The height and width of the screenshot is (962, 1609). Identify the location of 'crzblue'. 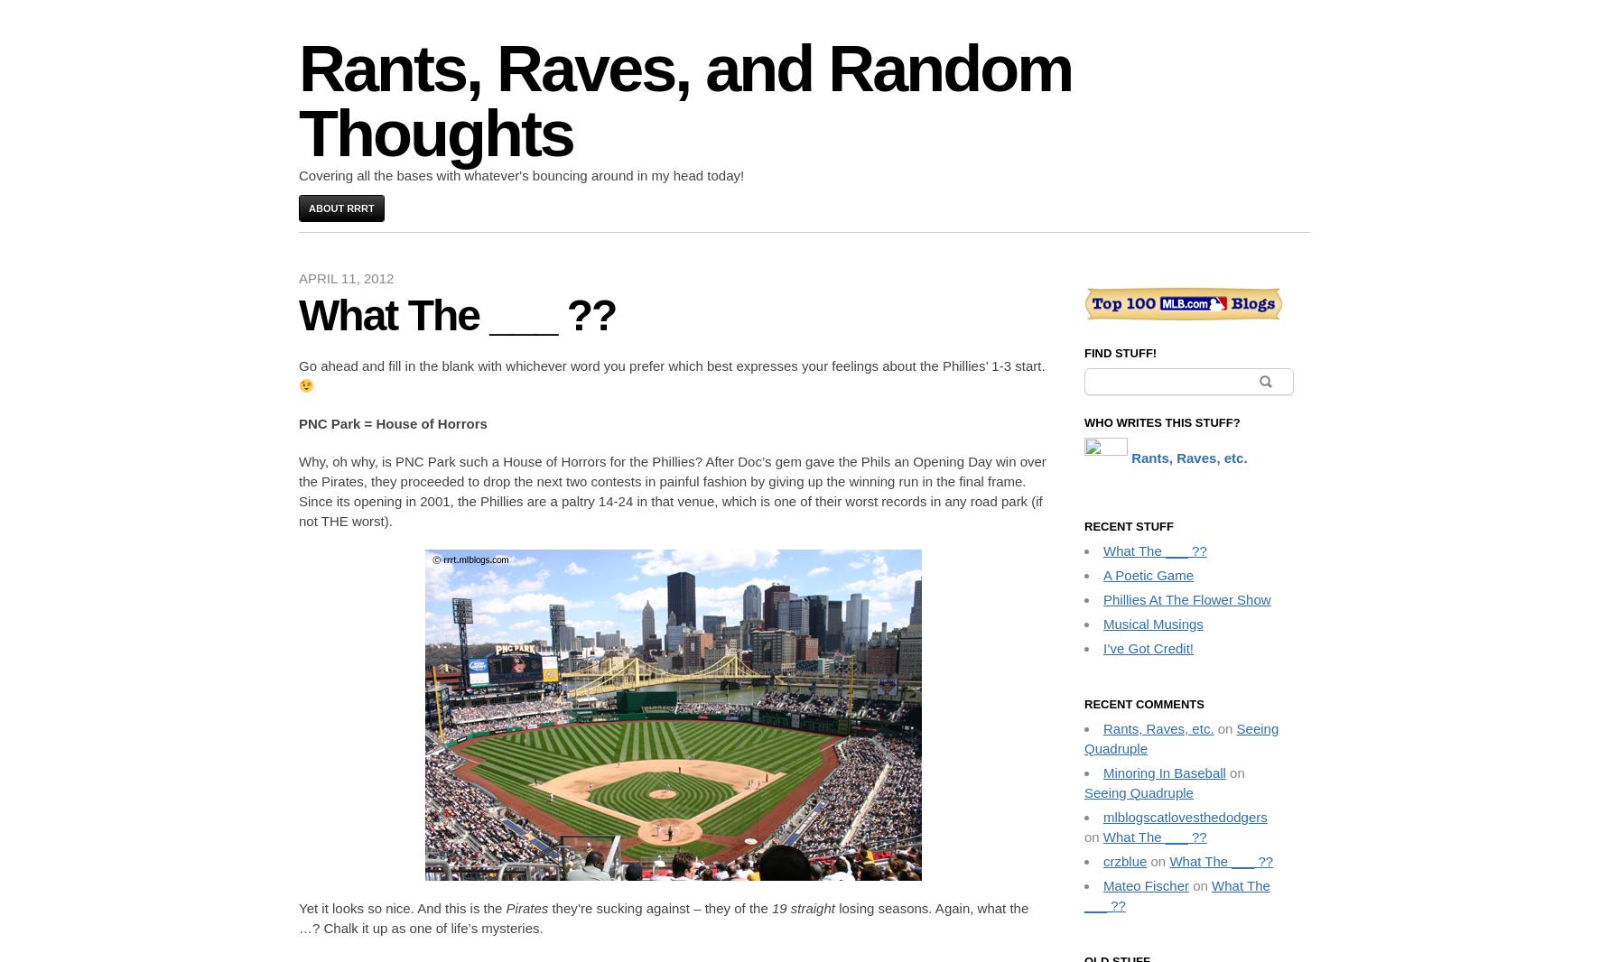
(1123, 860).